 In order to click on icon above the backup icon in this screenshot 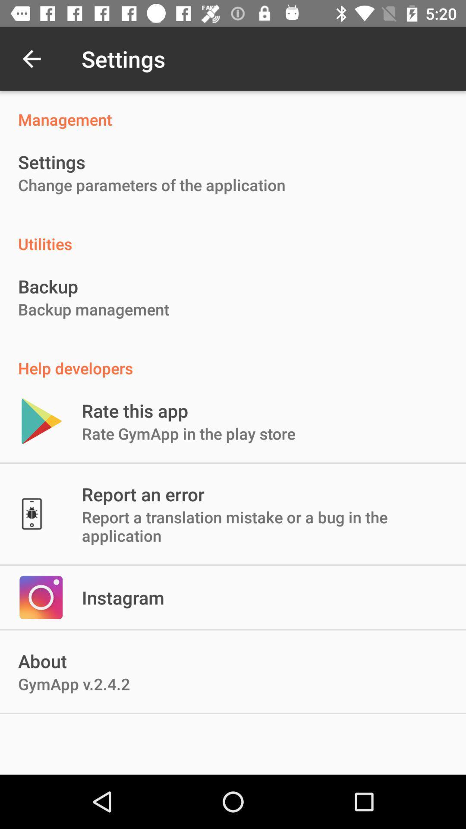, I will do `click(233, 234)`.